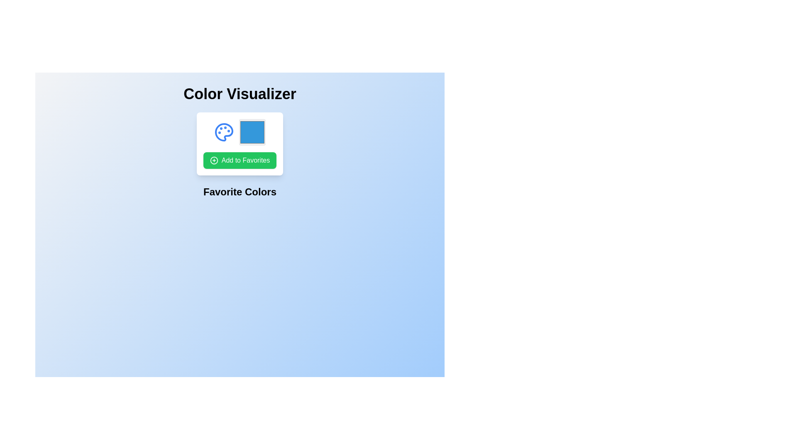  What do you see at coordinates (239, 144) in the screenshot?
I see `the Color Display Box` at bounding box center [239, 144].